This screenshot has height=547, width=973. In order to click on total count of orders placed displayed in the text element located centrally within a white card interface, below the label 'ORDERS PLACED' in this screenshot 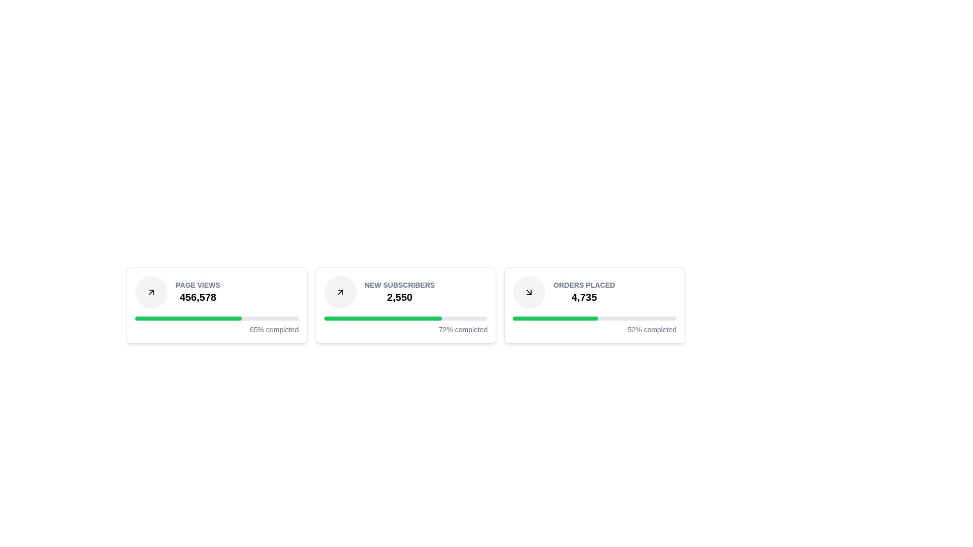, I will do `click(584, 296)`.